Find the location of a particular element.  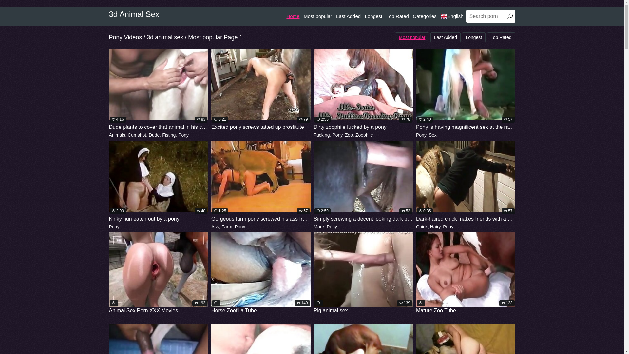

'Zoo' is located at coordinates (349, 135).